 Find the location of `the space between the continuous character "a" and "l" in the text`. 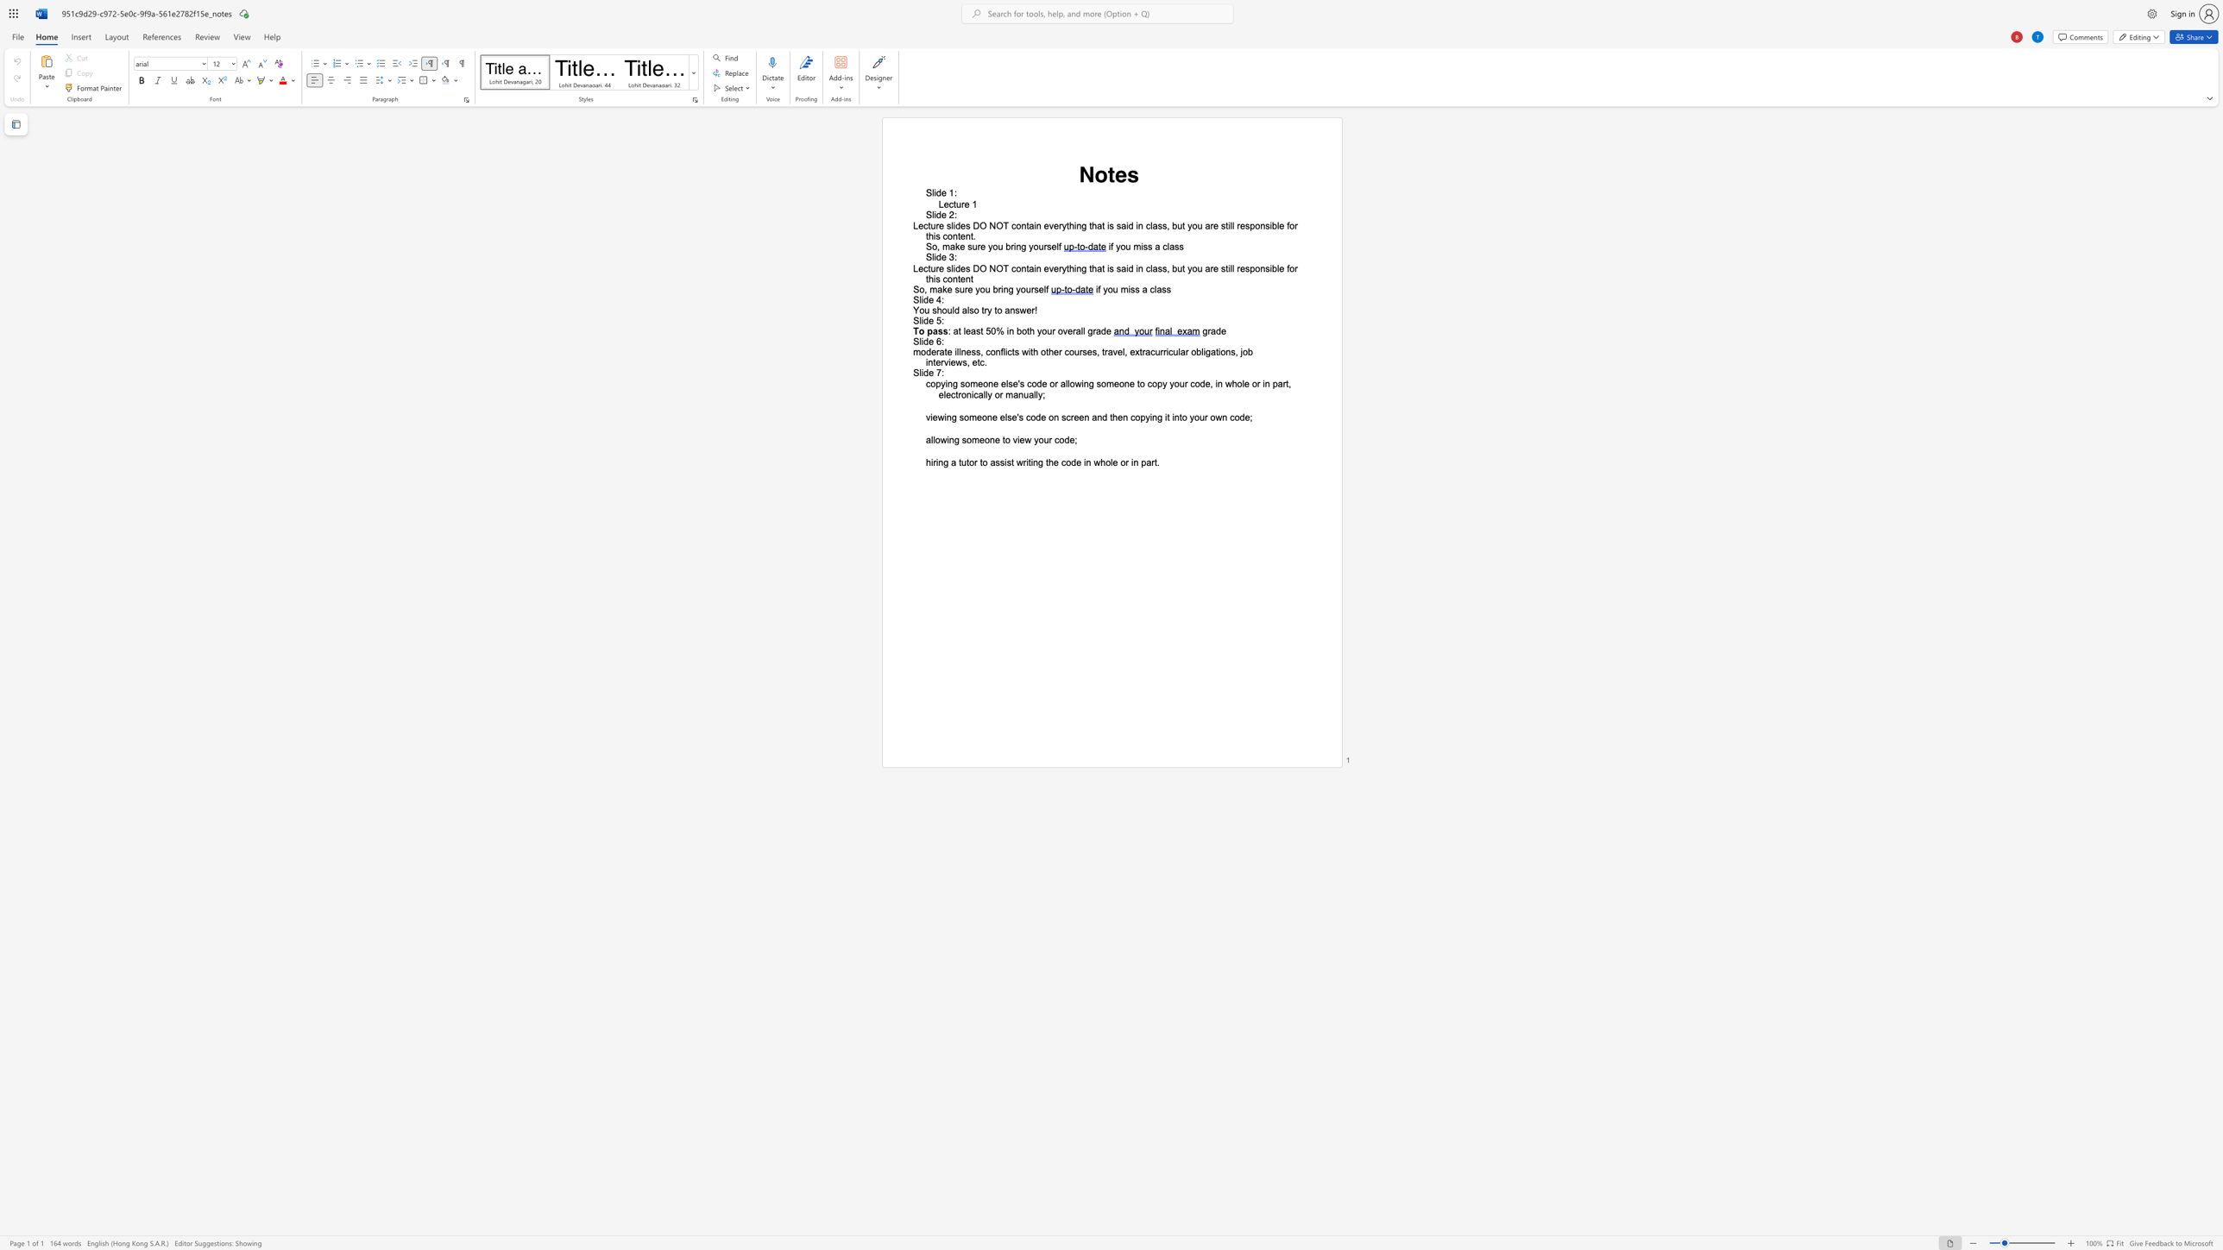

the space between the continuous character "a" and "l" in the text is located at coordinates (929, 439).